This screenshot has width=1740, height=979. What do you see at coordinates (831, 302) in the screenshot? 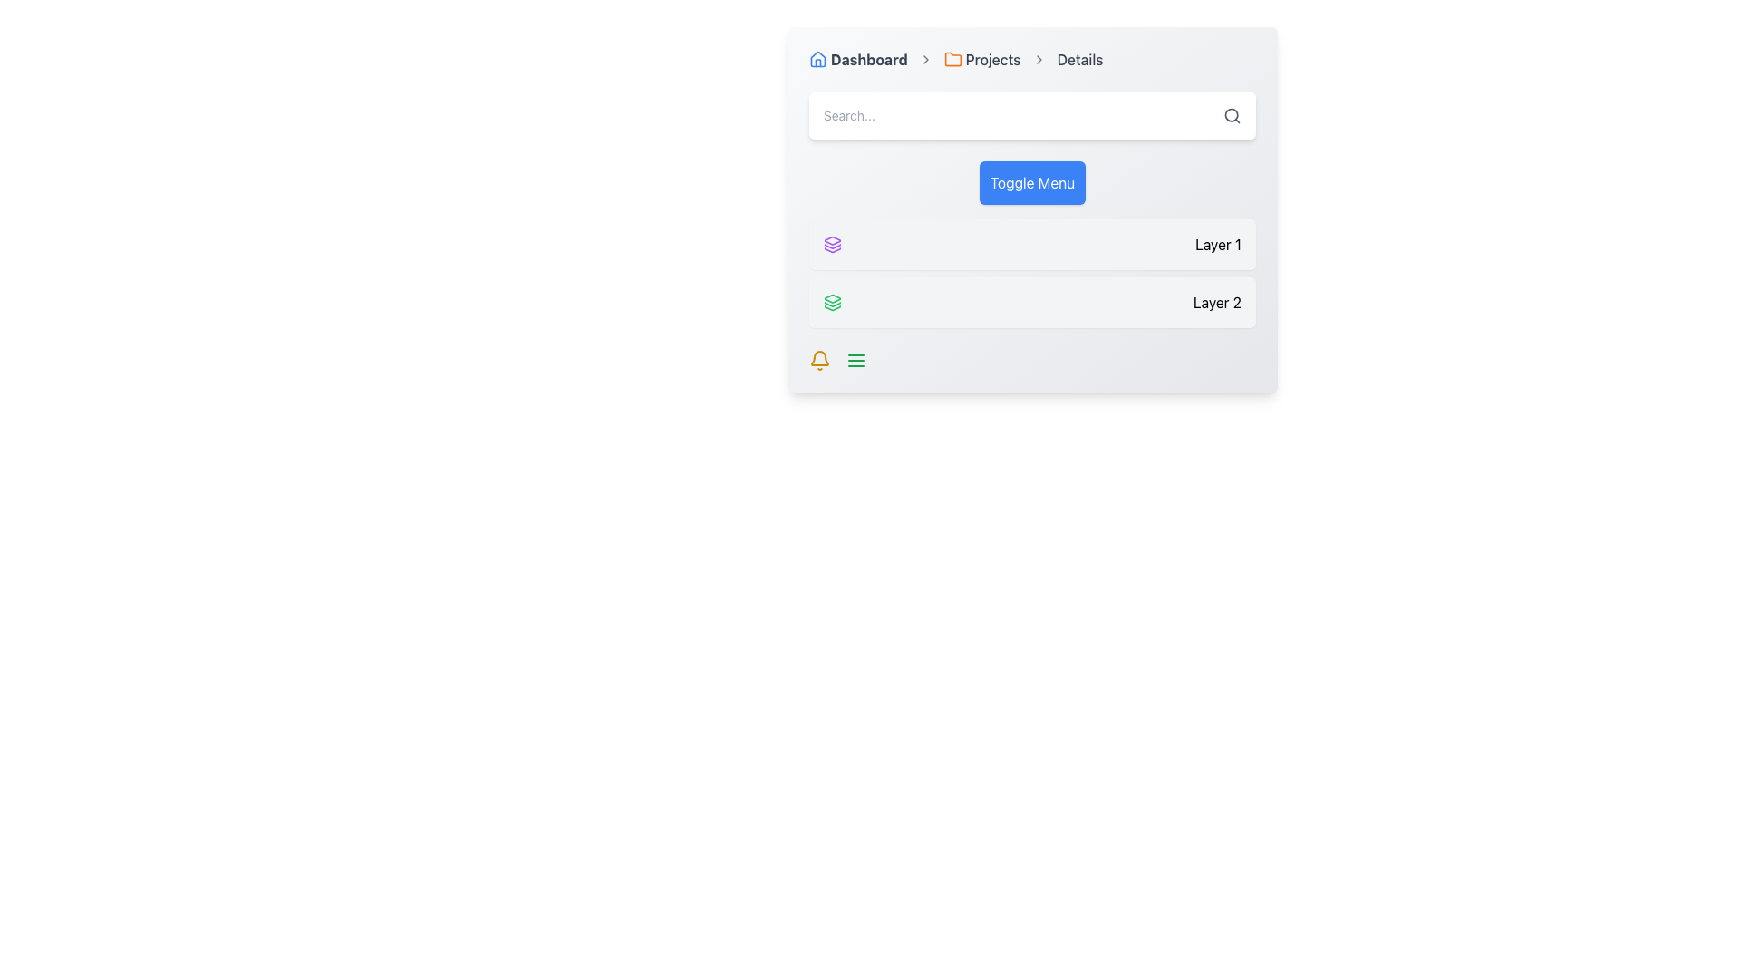
I see `the green icon resembling a stack of layers located within the 'Layer 2' section` at bounding box center [831, 302].